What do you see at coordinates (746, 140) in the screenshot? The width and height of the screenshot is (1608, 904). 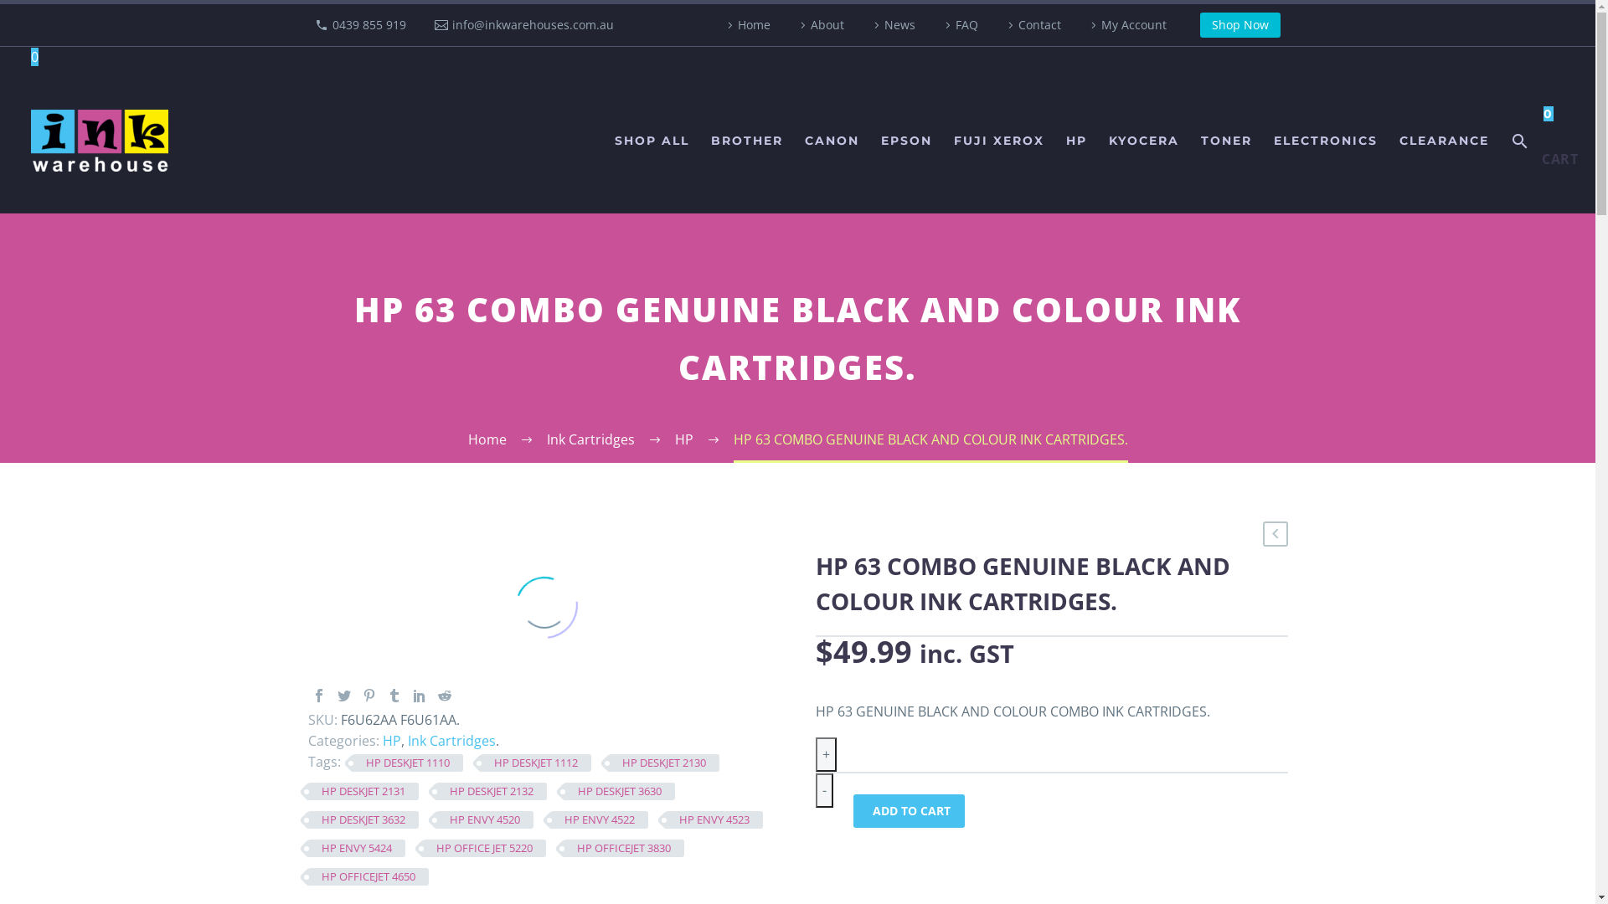 I see `'BROTHER'` at bounding box center [746, 140].